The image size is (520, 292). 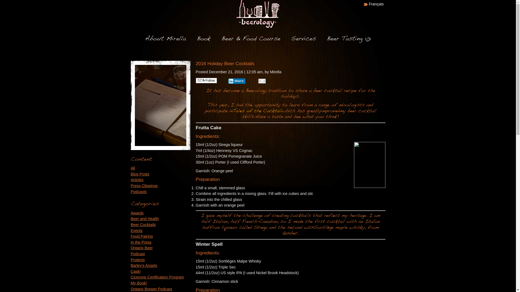 What do you see at coordinates (135, 271) in the screenshot?
I see `'Cask!'` at bounding box center [135, 271].